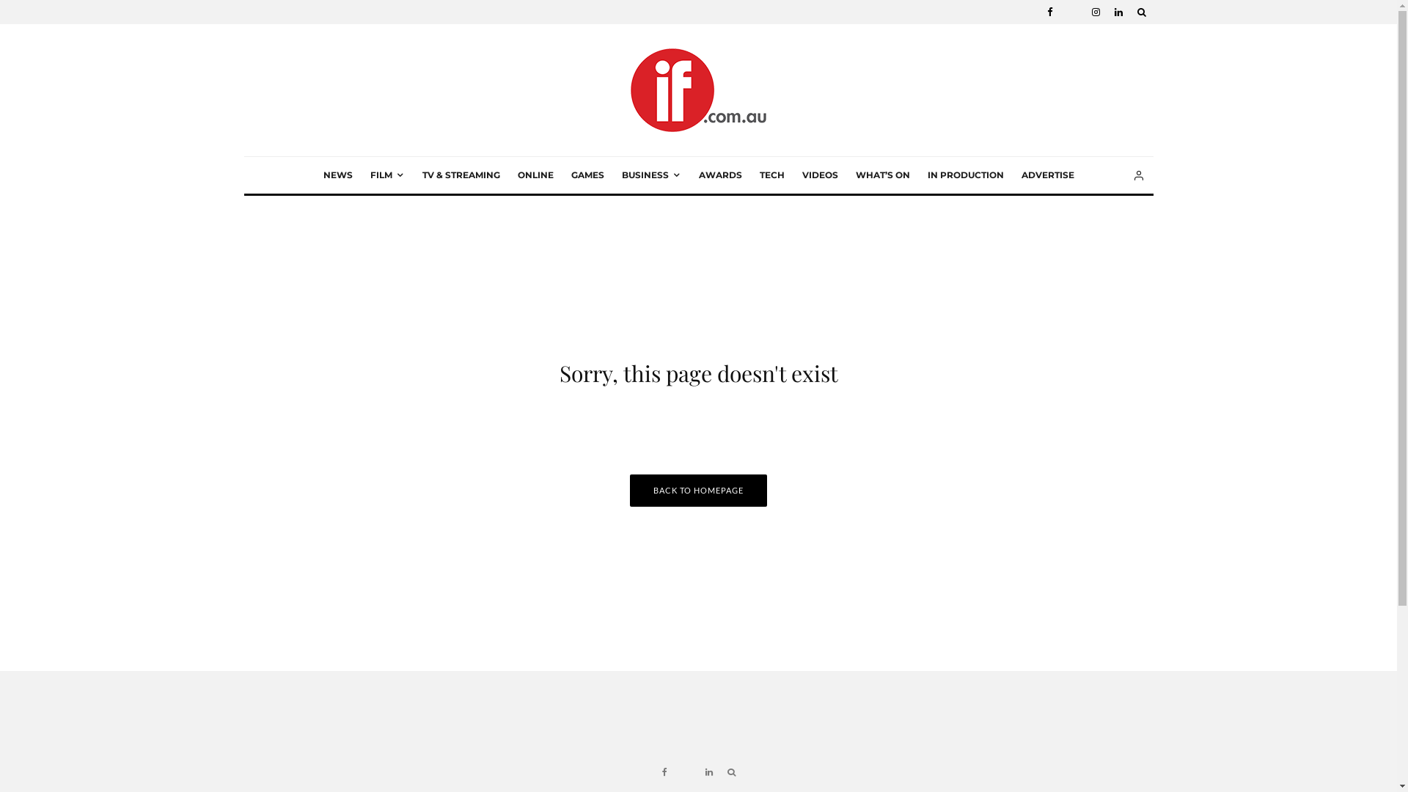 The height and width of the screenshot is (792, 1408). What do you see at coordinates (312, 175) in the screenshot?
I see `'NEWS'` at bounding box center [312, 175].